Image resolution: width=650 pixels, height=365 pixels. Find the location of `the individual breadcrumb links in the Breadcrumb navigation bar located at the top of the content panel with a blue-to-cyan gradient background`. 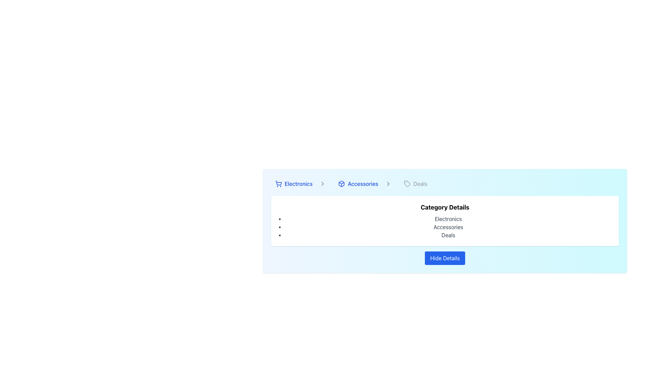

the individual breadcrumb links in the Breadcrumb navigation bar located at the top of the content panel with a blue-to-cyan gradient background is located at coordinates (445, 184).